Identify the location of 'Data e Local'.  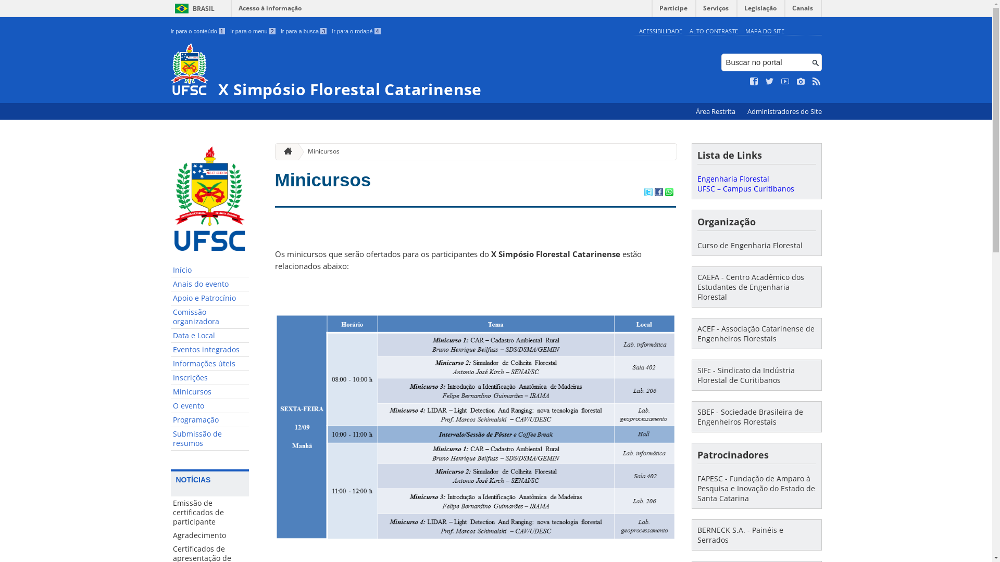
(170, 336).